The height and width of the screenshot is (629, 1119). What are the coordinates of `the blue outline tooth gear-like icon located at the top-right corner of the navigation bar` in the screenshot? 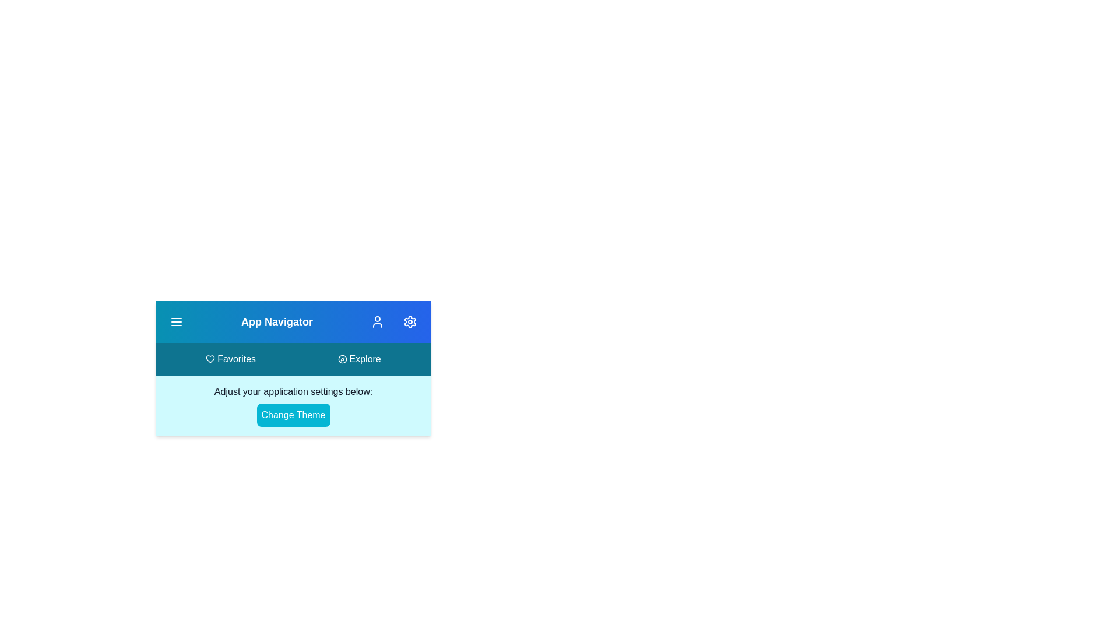 It's located at (410, 321).